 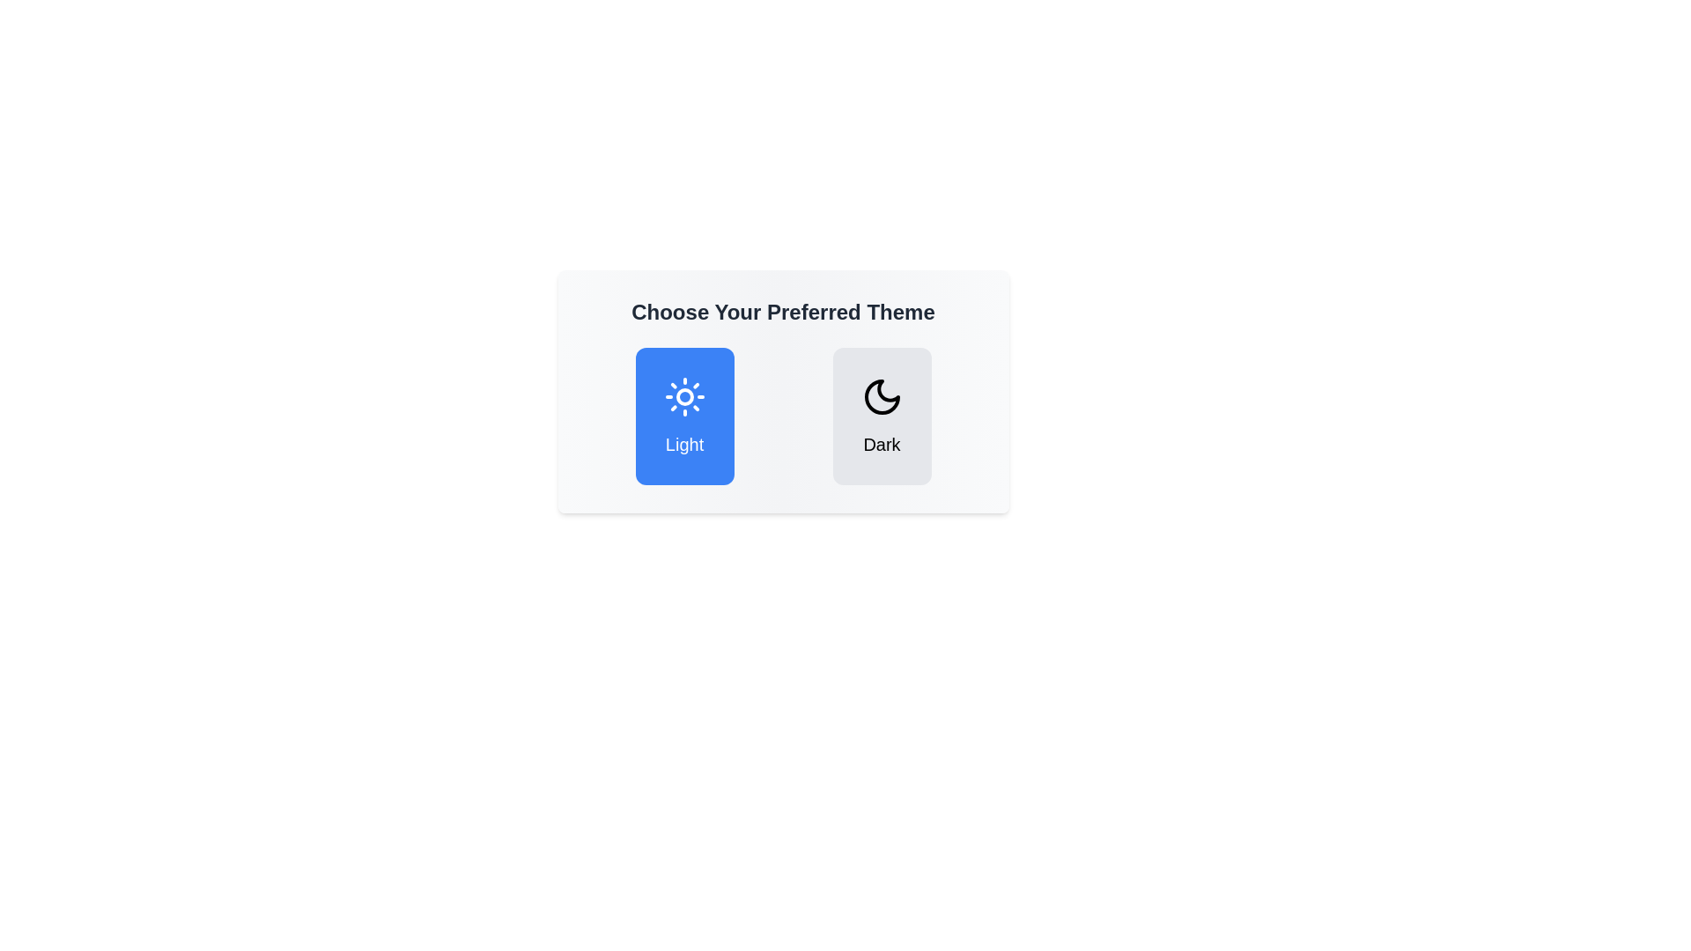 I want to click on the Light button to observe its hover effect, so click(x=683, y=417).